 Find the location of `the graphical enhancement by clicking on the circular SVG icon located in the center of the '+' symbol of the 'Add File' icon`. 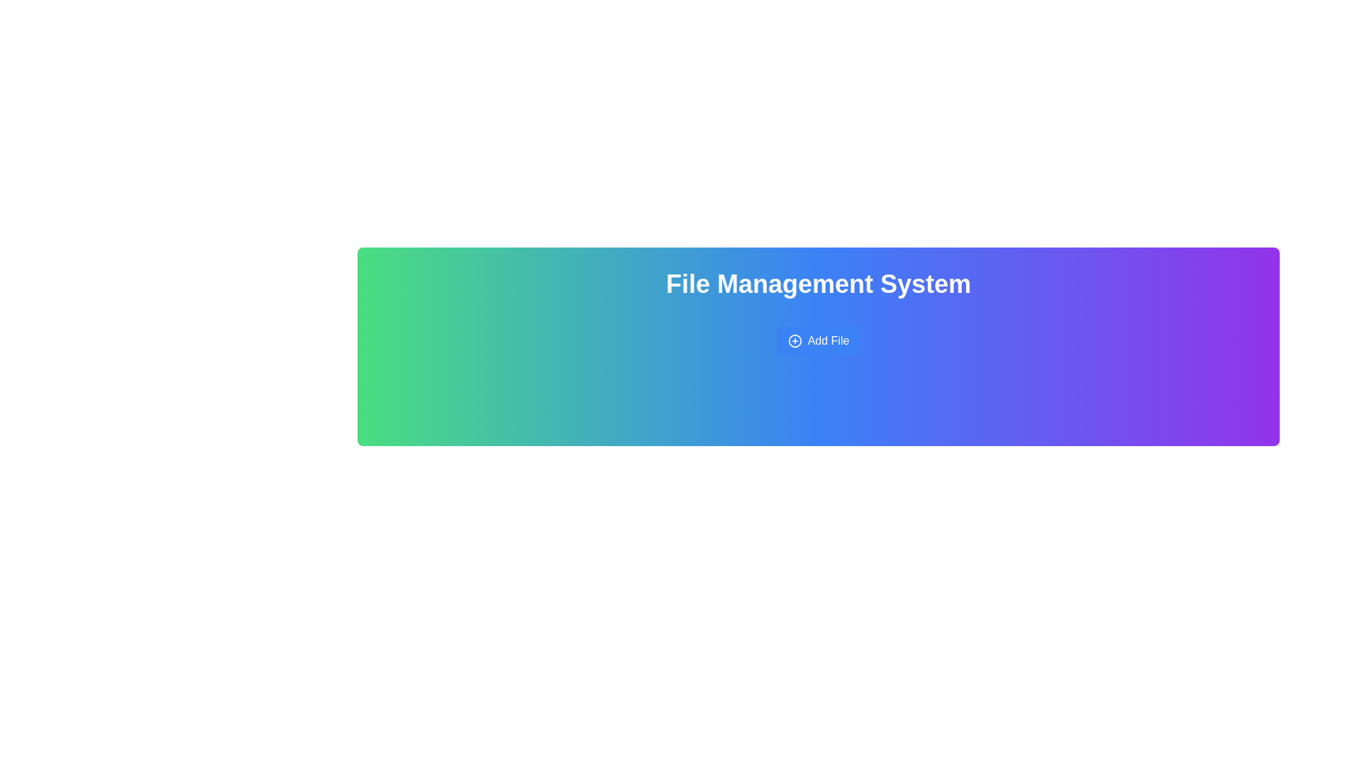

the graphical enhancement by clicking on the circular SVG icon located in the center of the '+' symbol of the 'Add File' icon is located at coordinates (794, 341).